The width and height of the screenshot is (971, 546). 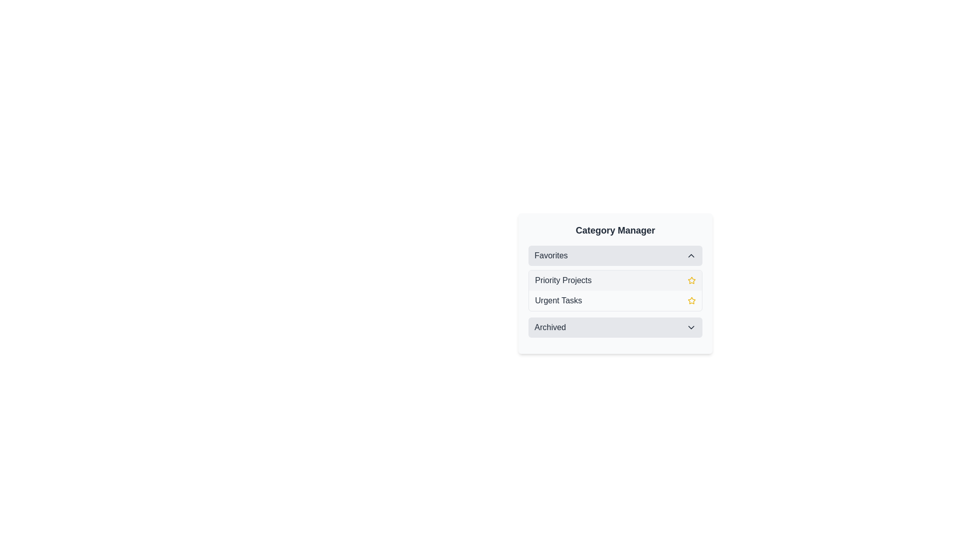 I want to click on the 'Urgent Tasks' list item in the Category Manager, so click(x=615, y=300).